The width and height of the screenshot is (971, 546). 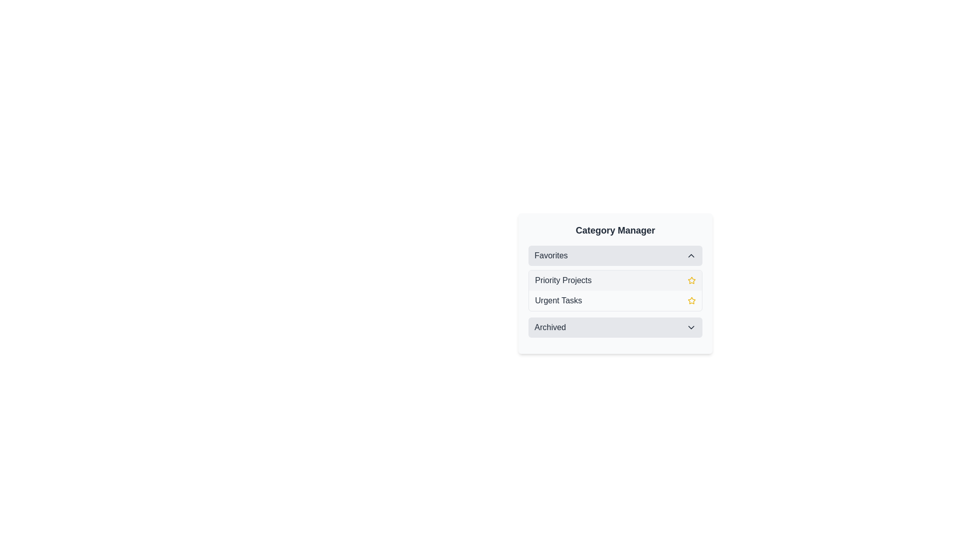 I want to click on the 'Urgent Tasks' list item in the Category Manager, so click(x=615, y=300).